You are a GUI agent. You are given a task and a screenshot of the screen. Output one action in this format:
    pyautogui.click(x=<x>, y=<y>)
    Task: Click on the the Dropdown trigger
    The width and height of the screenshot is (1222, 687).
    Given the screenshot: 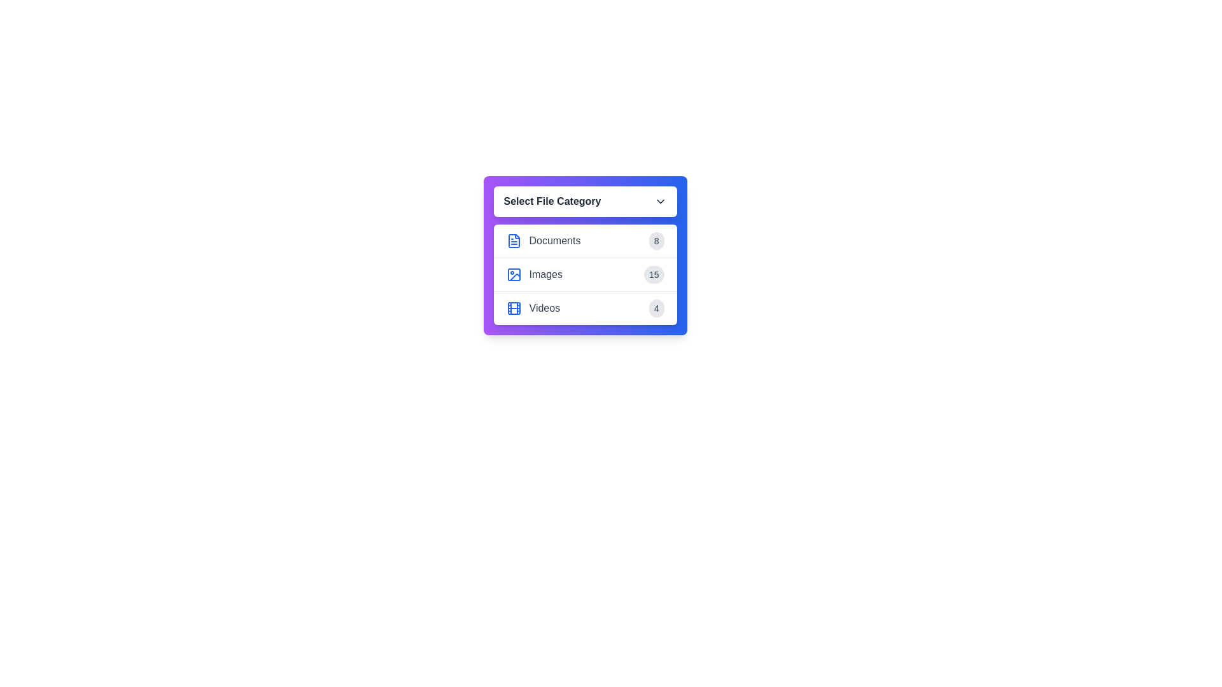 What is the action you would take?
    pyautogui.click(x=584, y=200)
    